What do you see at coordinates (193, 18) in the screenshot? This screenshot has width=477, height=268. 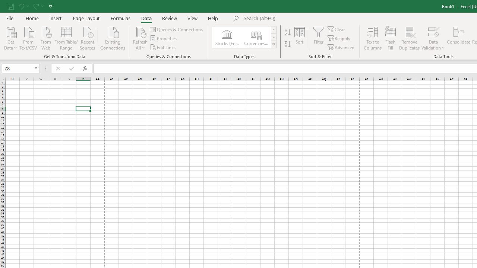 I see `'View'` at bounding box center [193, 18].